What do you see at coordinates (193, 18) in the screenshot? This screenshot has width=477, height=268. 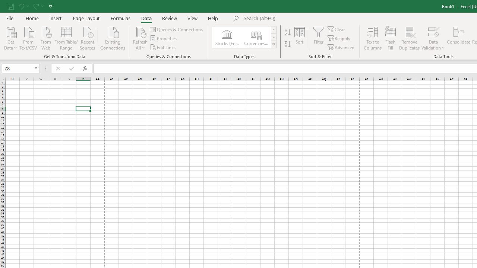 I see `'View'` at bounding box center [193, 18].